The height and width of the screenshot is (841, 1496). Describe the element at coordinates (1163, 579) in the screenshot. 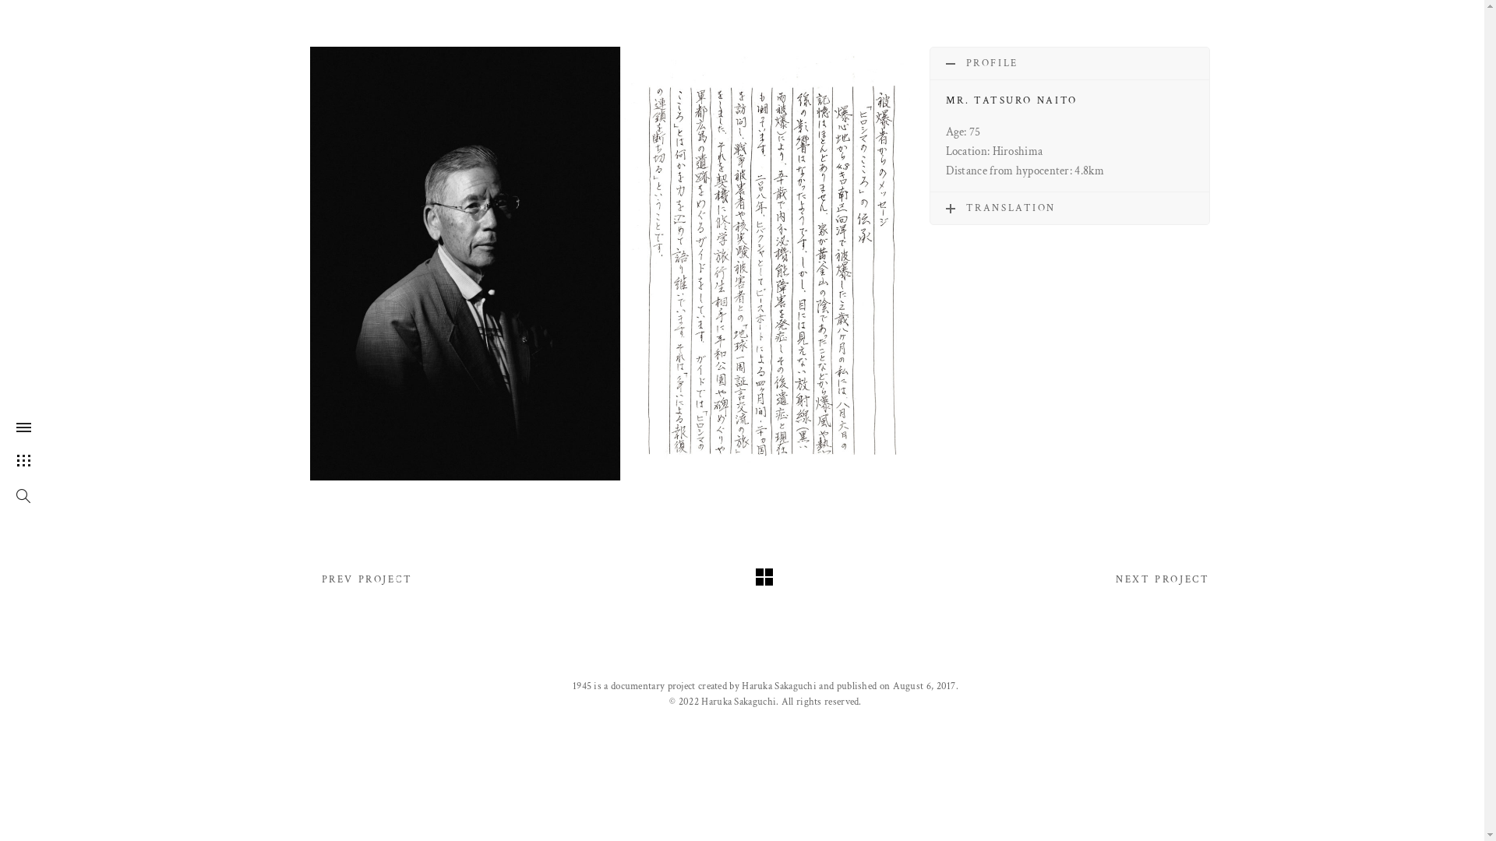

I see `'NEXT PROJECT'` at that location.